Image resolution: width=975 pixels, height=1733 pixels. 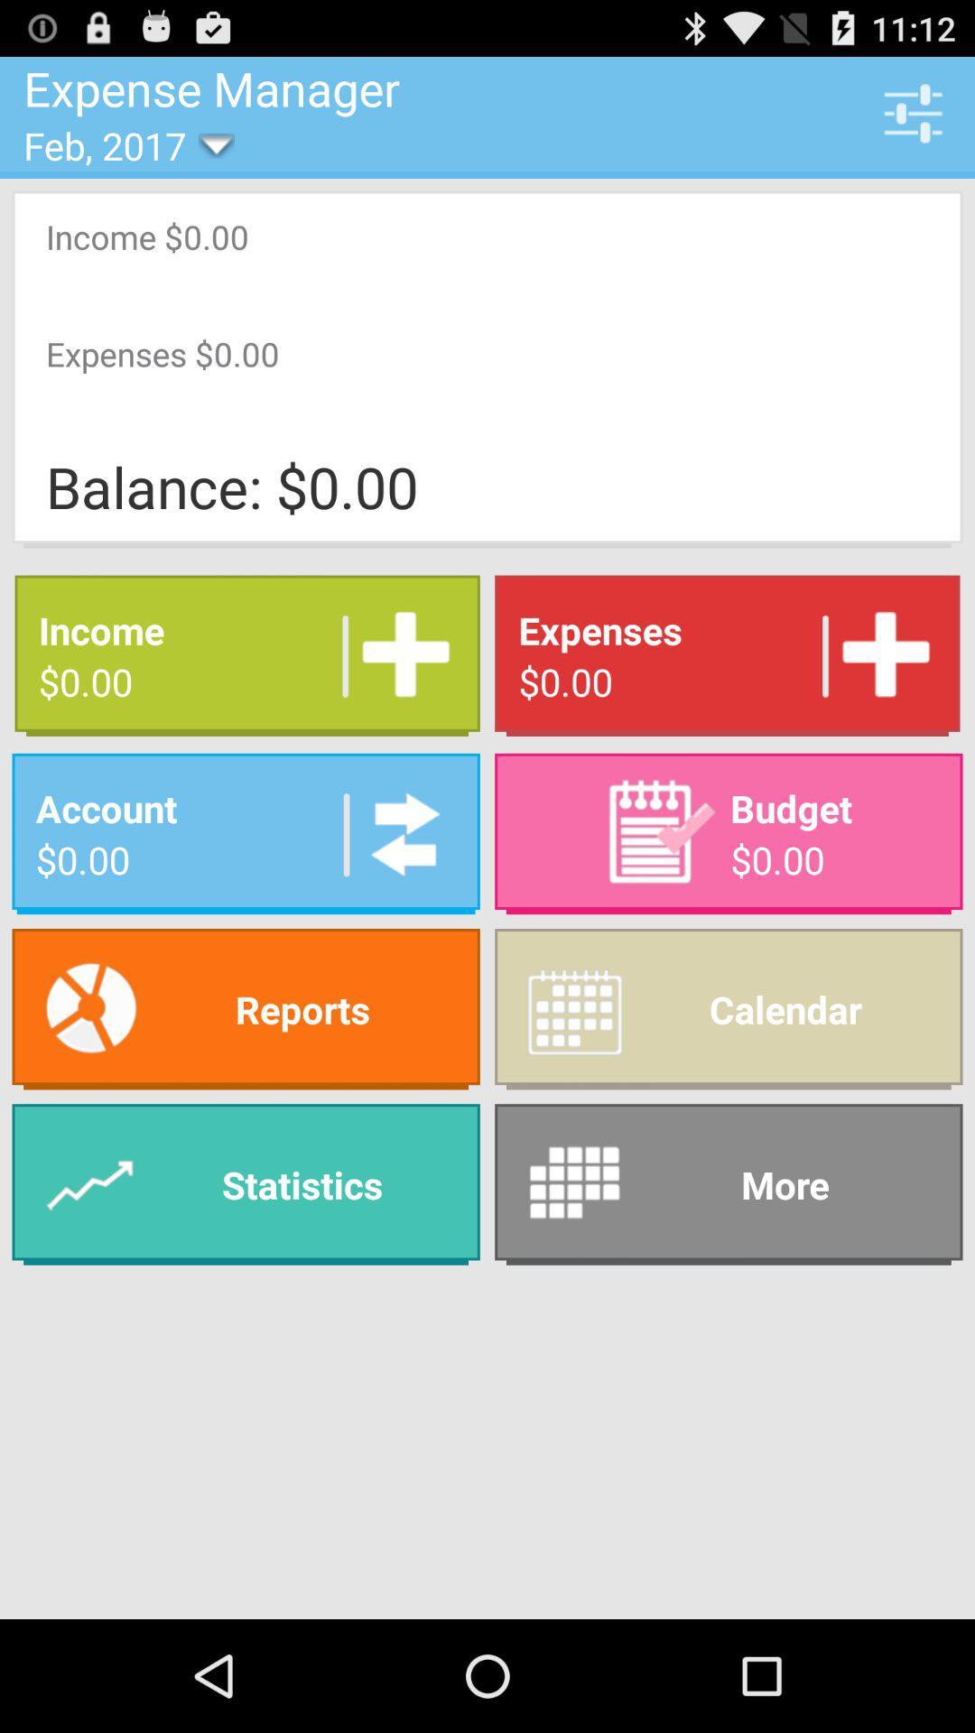 I want to click on advertisement money to account, so click(x=398, y=832).